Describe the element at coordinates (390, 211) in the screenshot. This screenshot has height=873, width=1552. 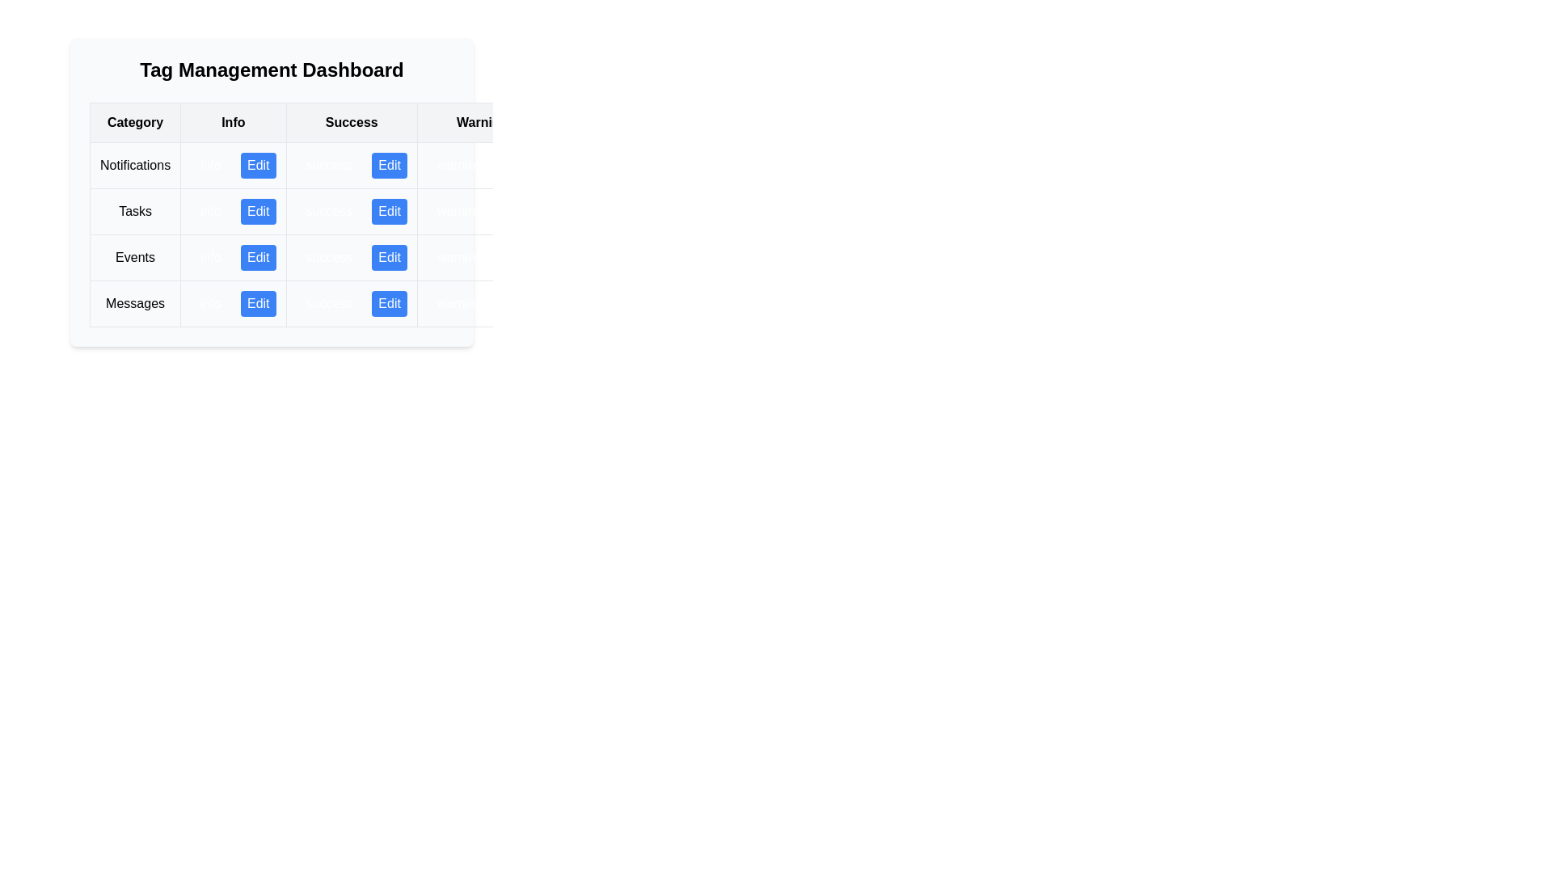
I see `the button in the 'success' column of the 'Tasks' row to change its background color` at that location.